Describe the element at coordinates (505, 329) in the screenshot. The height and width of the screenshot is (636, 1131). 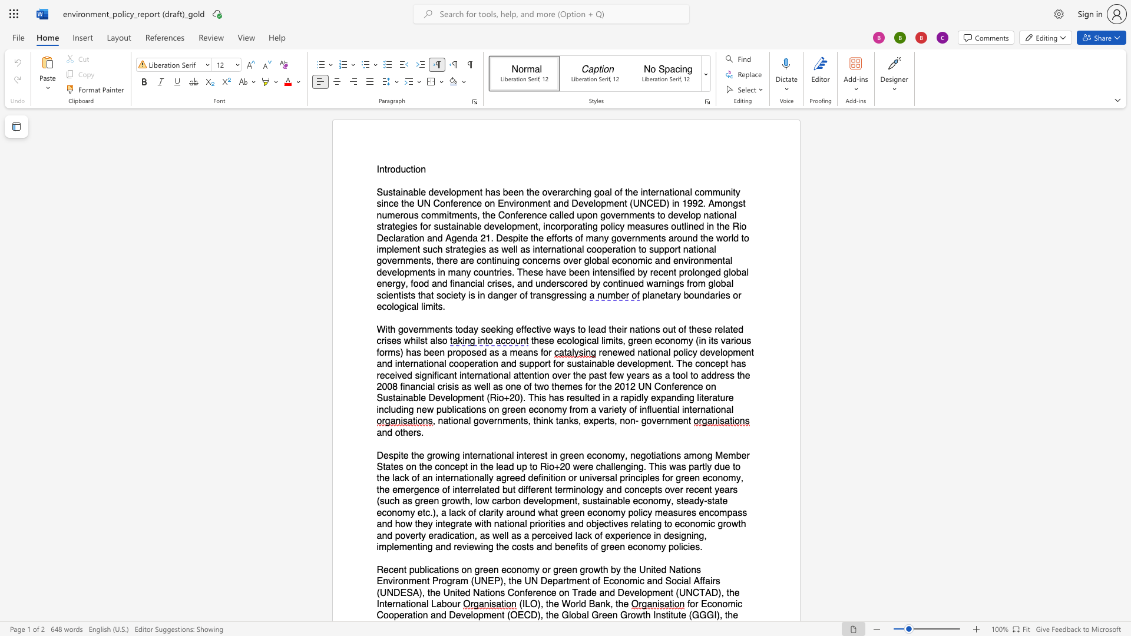
I see `the 3th character "n" in the text` at that location.